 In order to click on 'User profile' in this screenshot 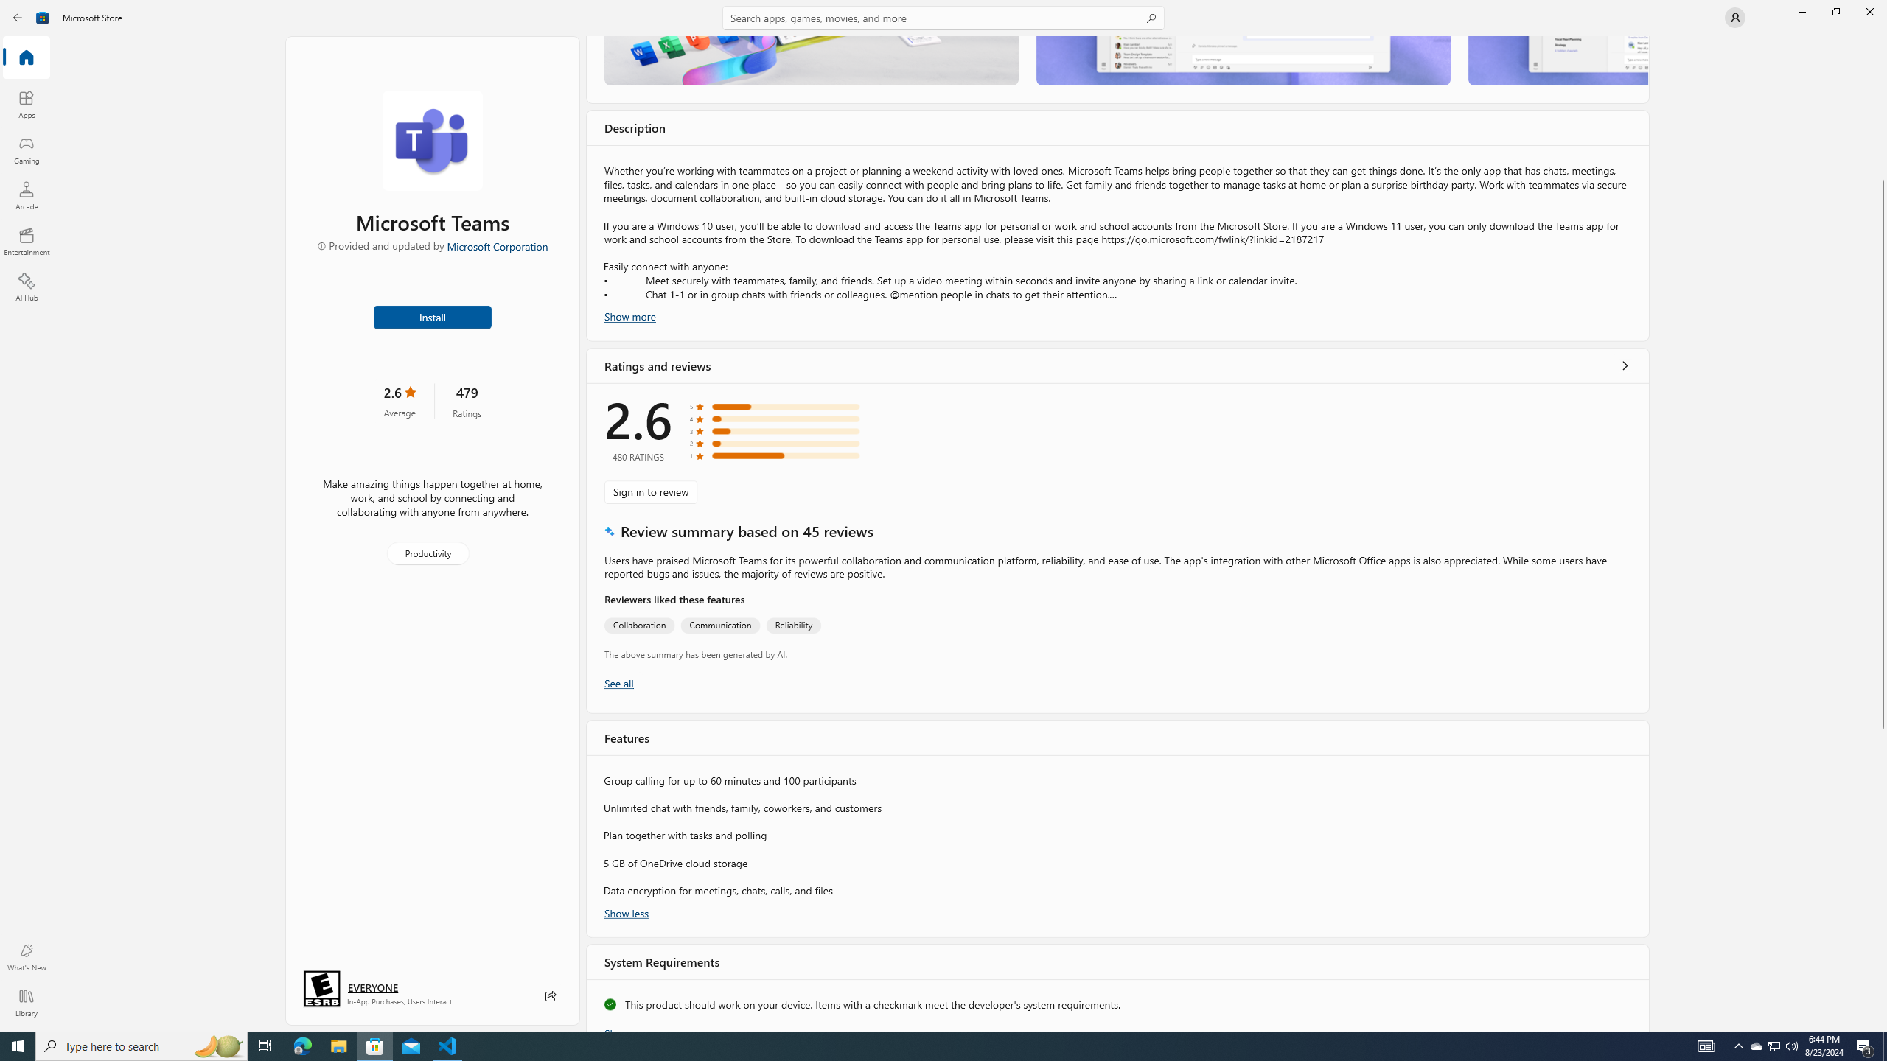, I will do `click(1734, 16)`.